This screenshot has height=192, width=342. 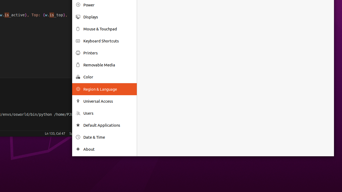 I want to click on 'Removable Media', so click(x=108, y=65).